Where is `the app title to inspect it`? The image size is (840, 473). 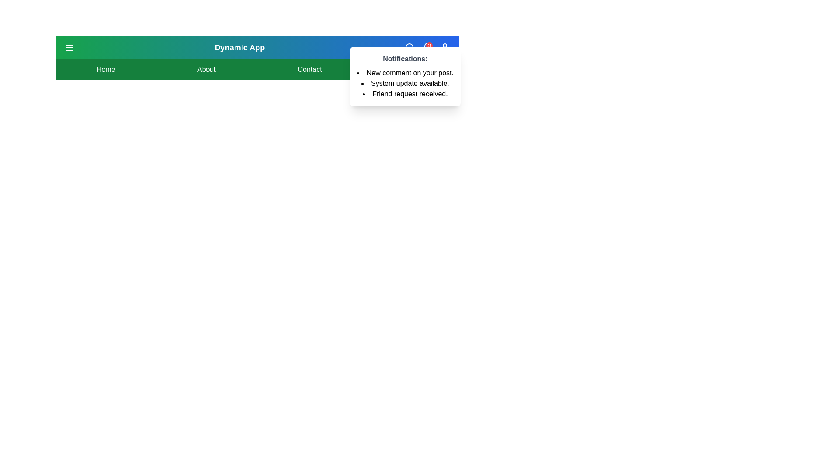
the app title to inspect it is located at coordinates (239, 47).